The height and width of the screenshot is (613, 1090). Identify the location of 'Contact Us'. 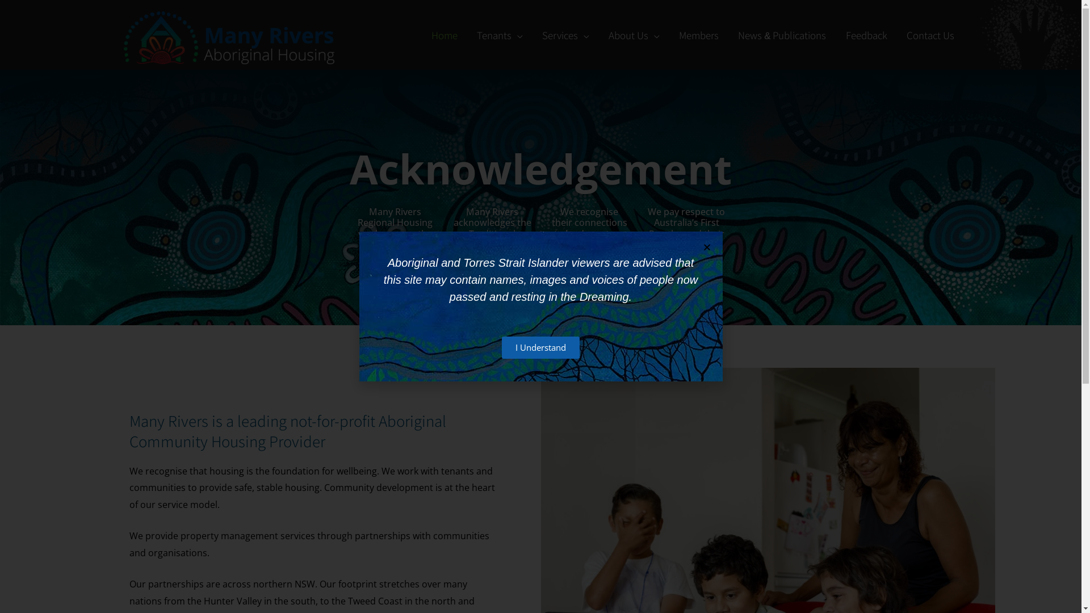
(930, 34).